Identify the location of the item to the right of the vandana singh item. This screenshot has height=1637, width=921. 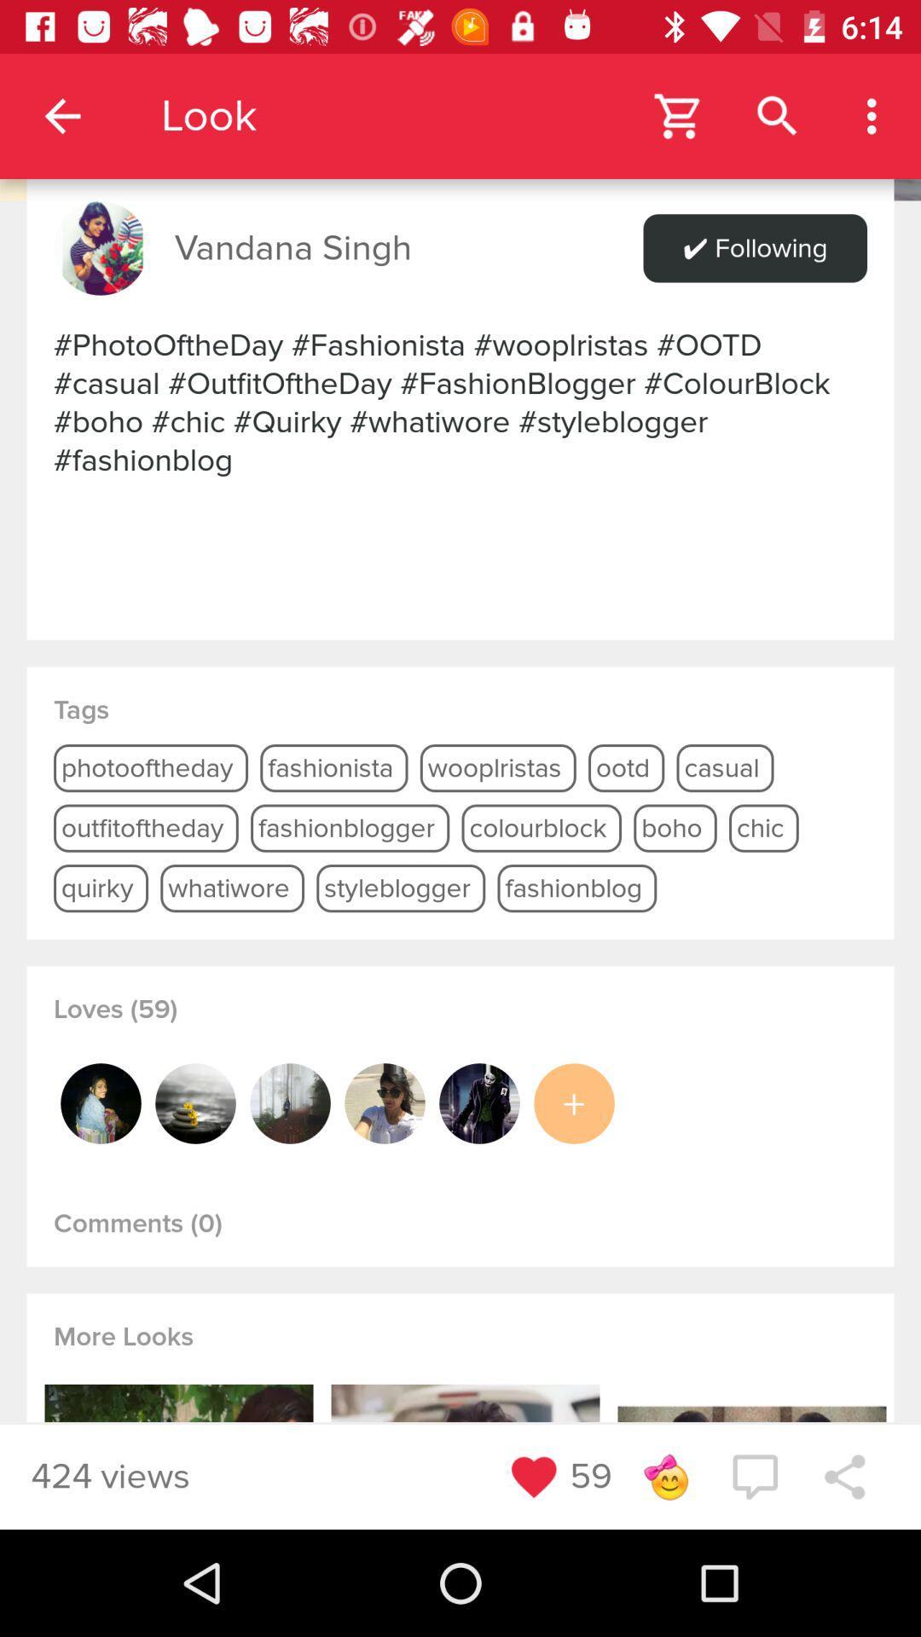
(754, 247).